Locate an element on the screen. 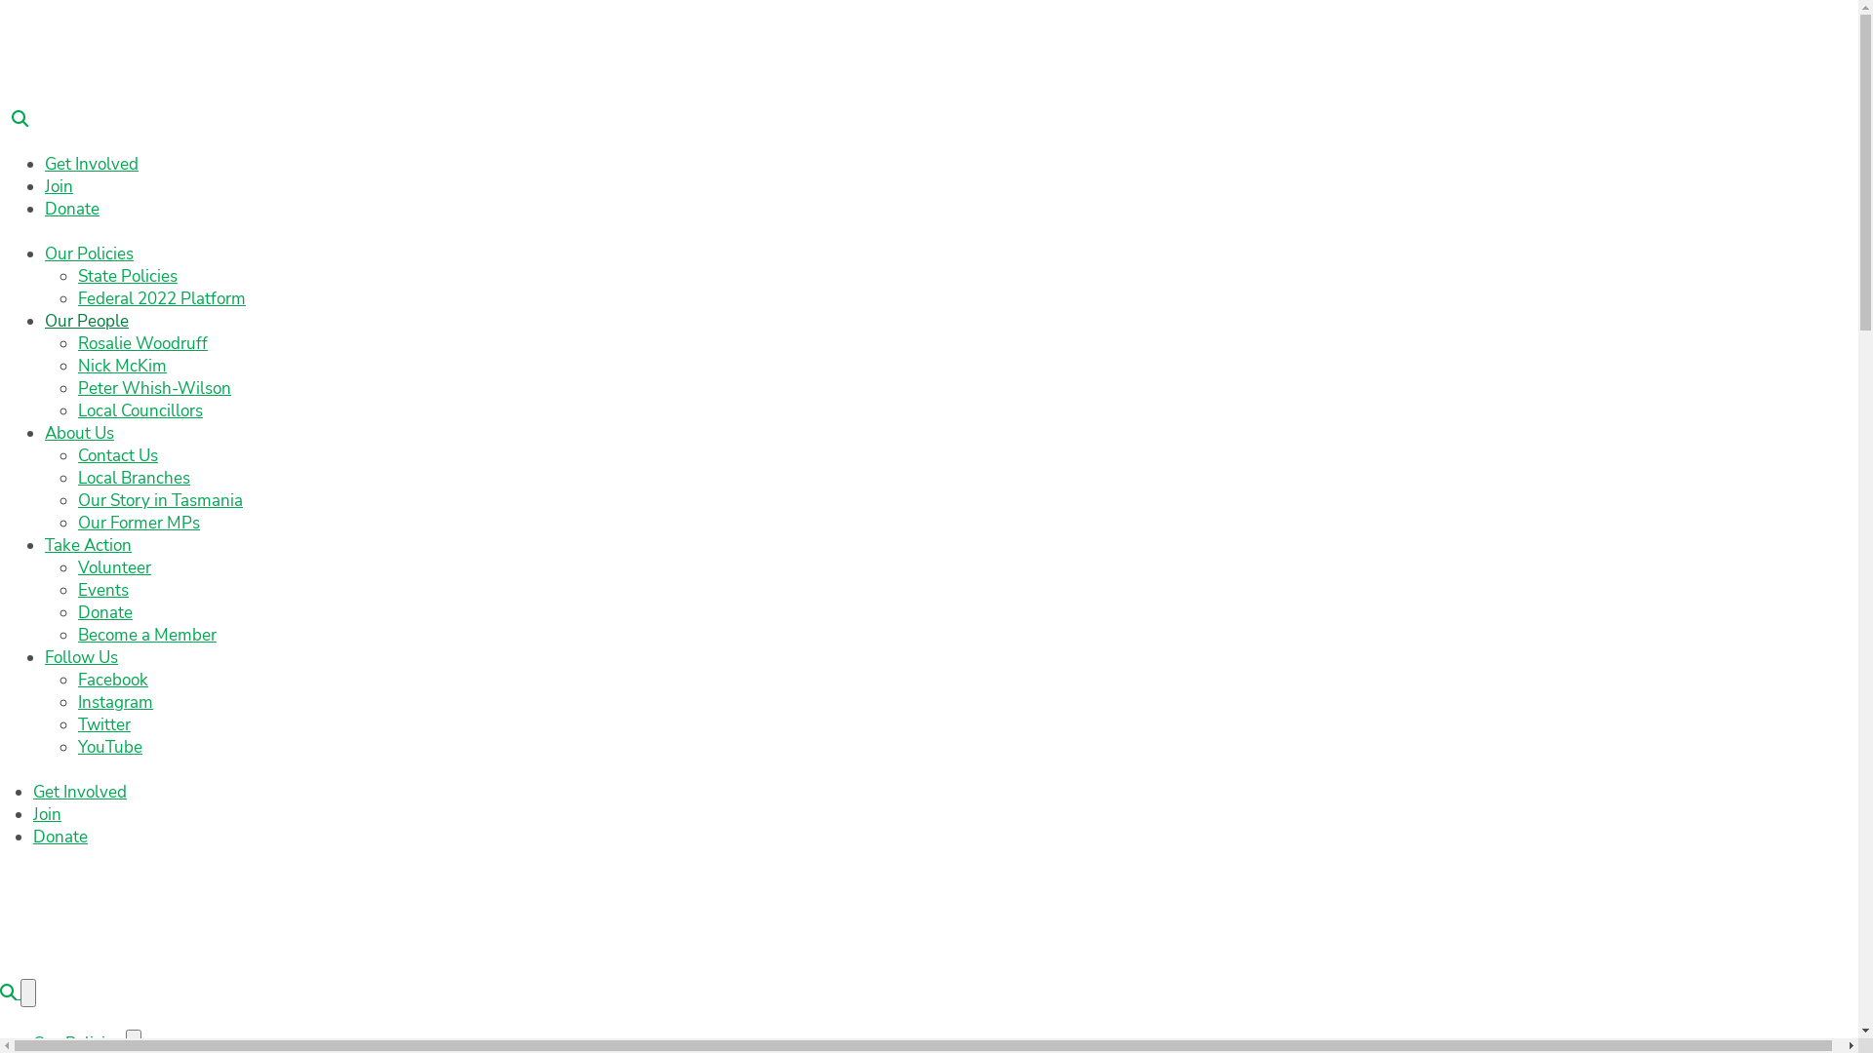 Image resolution: width=1873 pixels, height=1053 pixels. 'Instagram' is located at coordinates (114, 702).